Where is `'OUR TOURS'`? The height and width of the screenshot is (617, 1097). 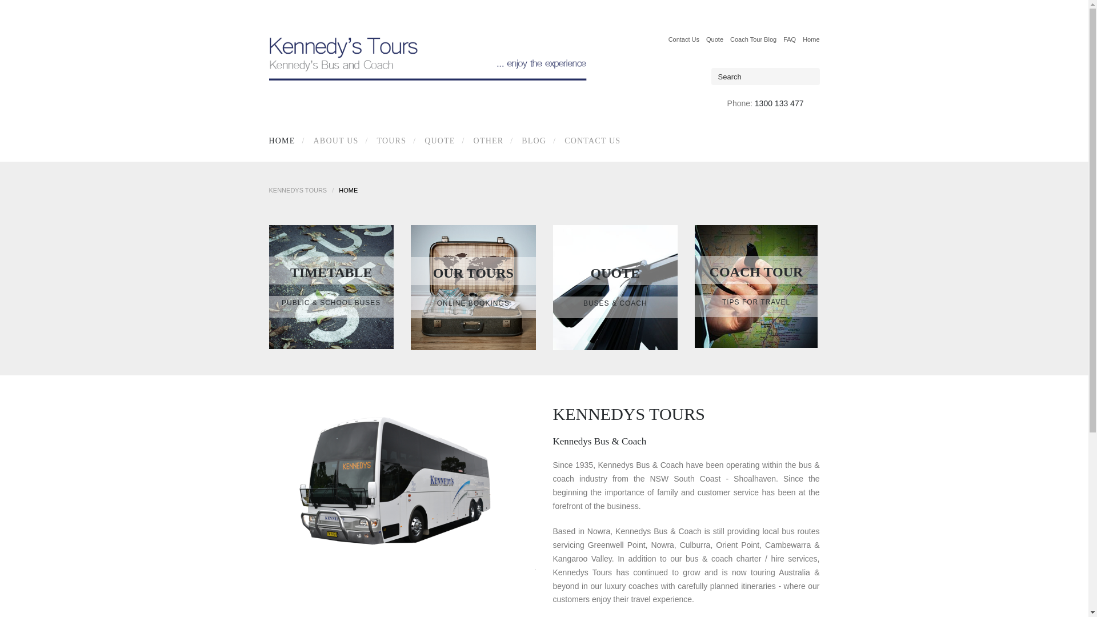 'OUR TOURS' is located at coordinates (473, 273).